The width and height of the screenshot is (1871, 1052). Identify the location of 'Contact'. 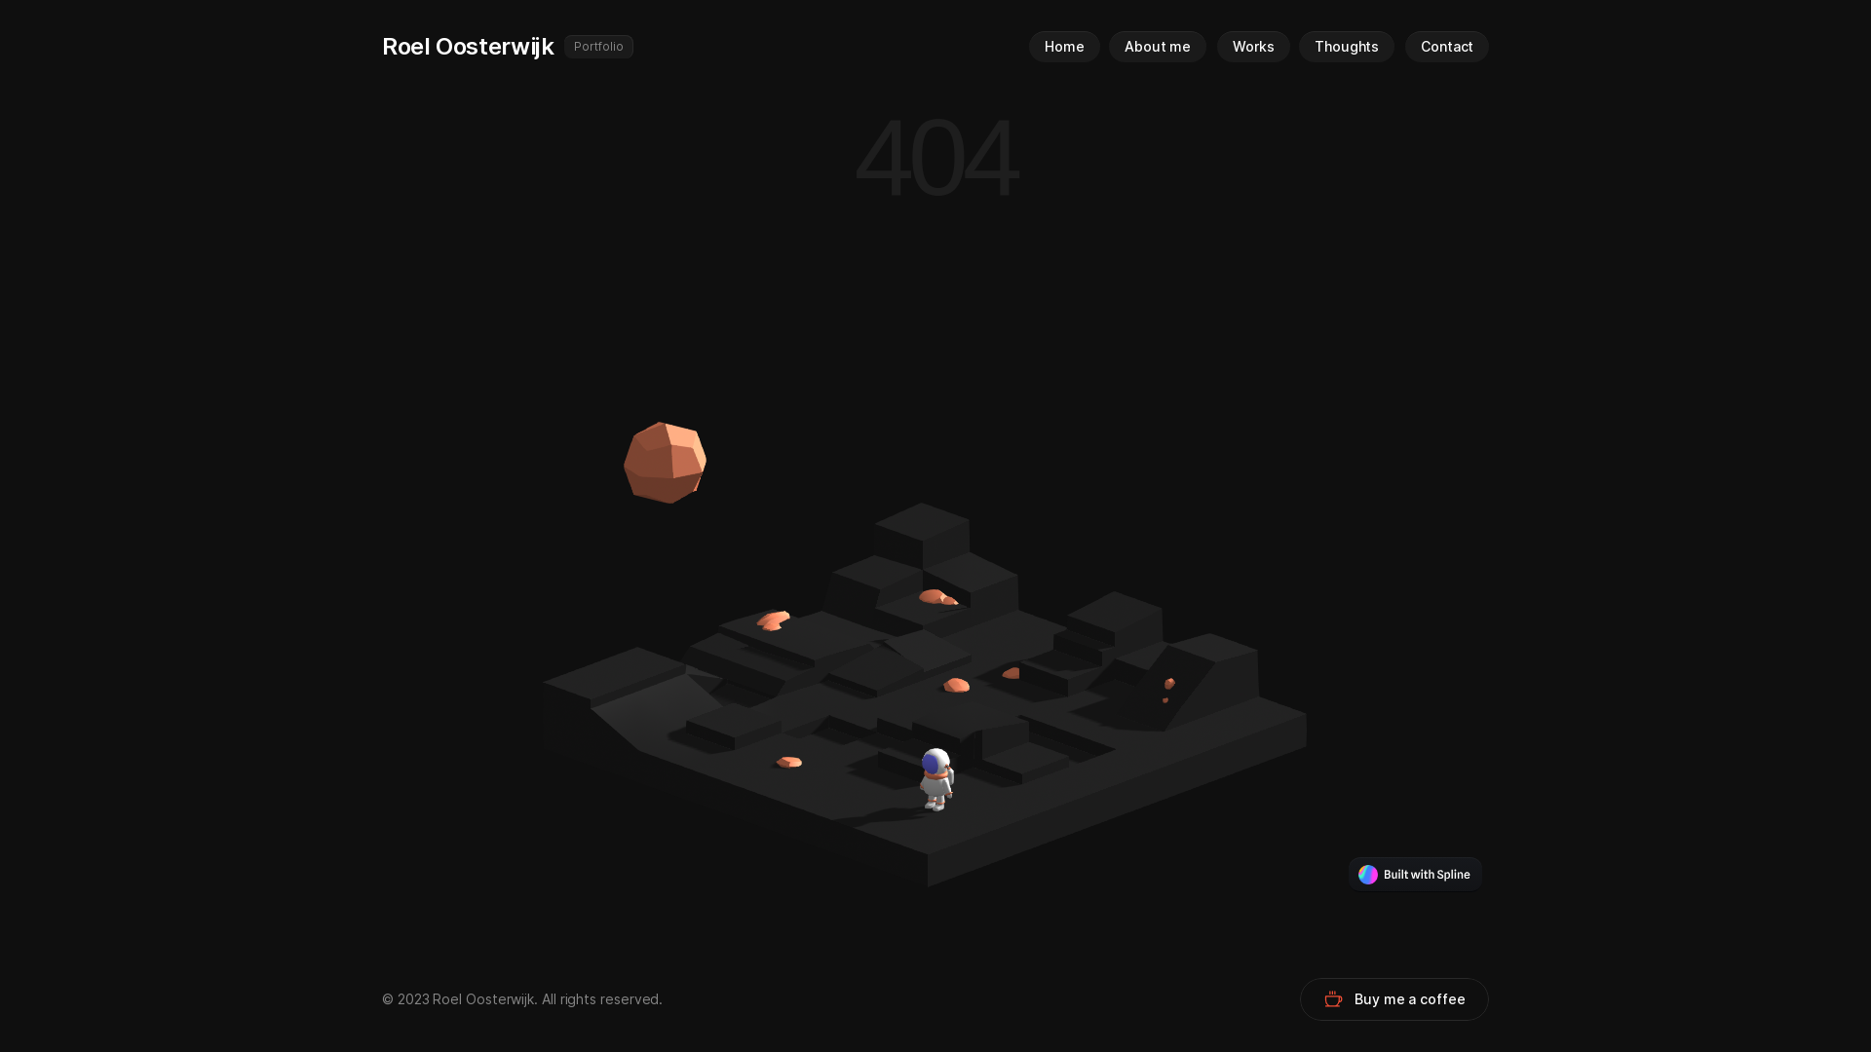
(1446, 45).